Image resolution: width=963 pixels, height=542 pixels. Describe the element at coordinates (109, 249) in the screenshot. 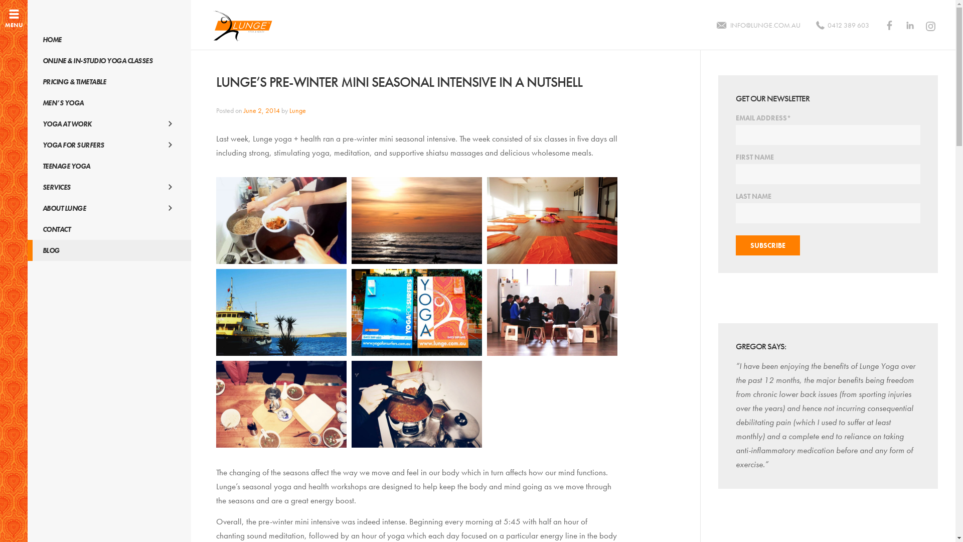

I see `'BLOG'` at that location.